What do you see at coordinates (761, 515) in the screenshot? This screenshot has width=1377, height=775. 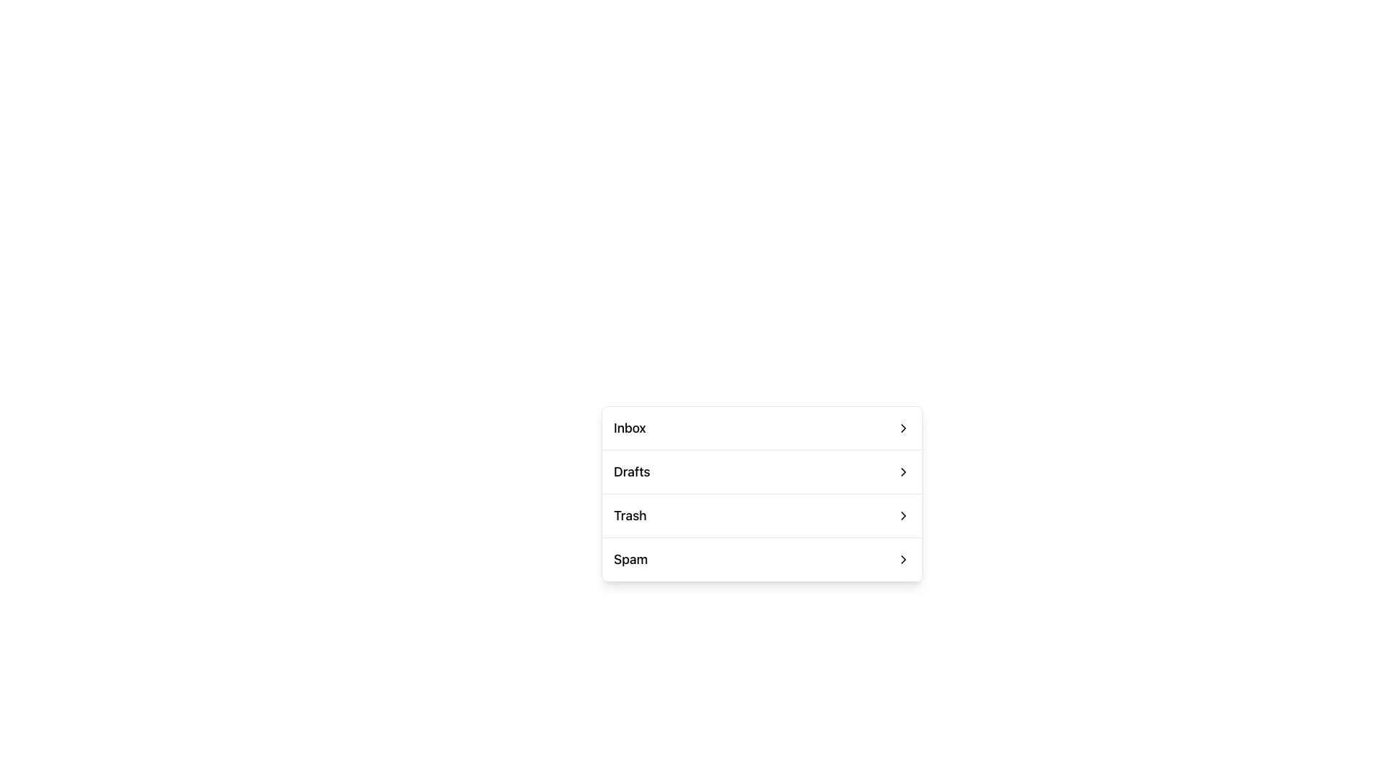 I see `the third item in the vertical list that navigates to the 'Trash' section, positioned between 'Drafts' and 'Spam'` at bounding box center [761, 515].